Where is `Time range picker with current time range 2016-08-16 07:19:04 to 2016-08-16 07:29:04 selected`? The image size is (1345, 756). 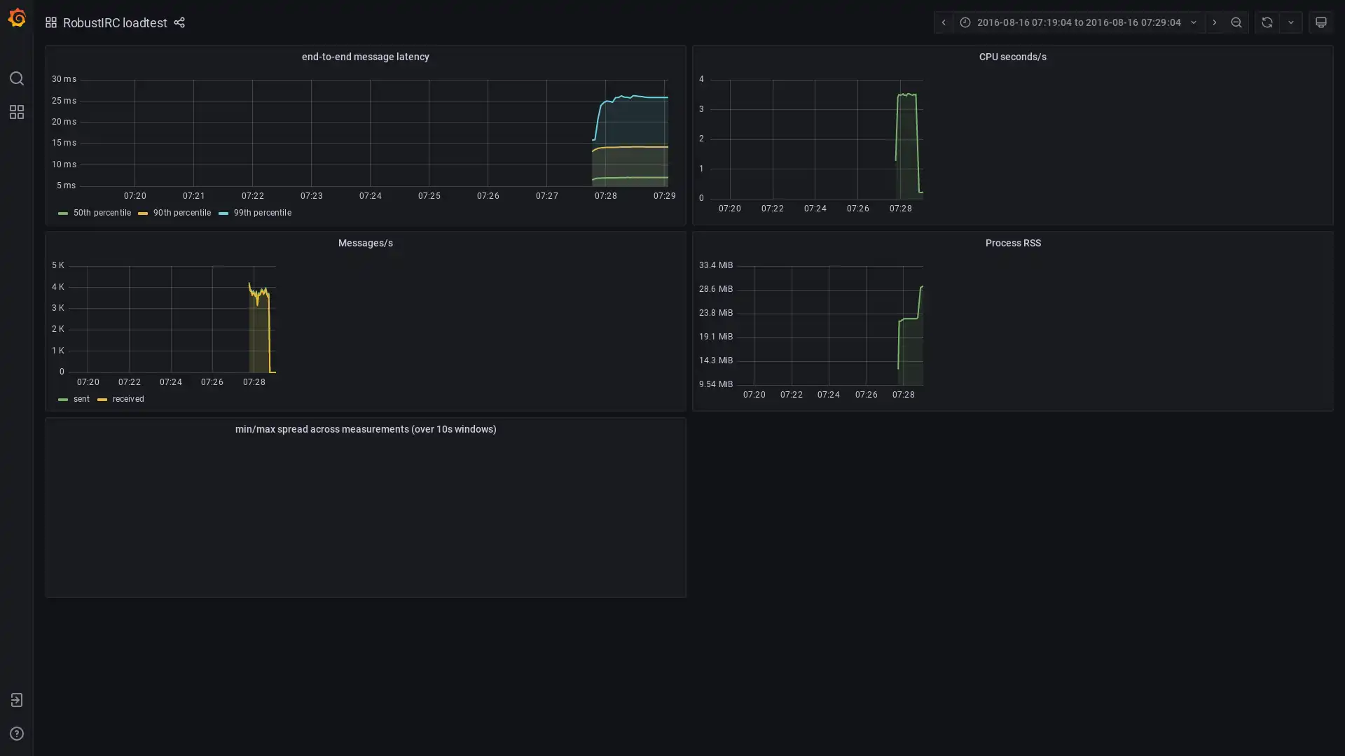
Time range picker with current time range 2016-08-16 07:19:04 to 2016-08-16 07:29:04 selected is located at coordinates (1077, 22).